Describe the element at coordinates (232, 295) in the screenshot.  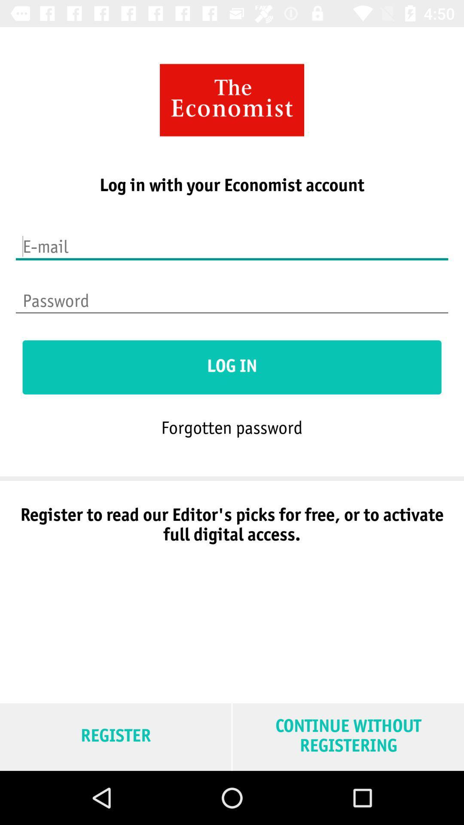
I see `password` at that location.